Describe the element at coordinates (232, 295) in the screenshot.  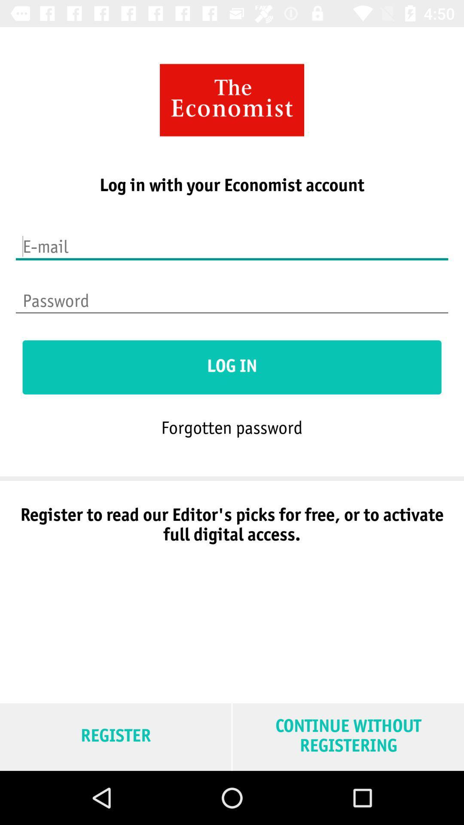
I see `password` at that location.